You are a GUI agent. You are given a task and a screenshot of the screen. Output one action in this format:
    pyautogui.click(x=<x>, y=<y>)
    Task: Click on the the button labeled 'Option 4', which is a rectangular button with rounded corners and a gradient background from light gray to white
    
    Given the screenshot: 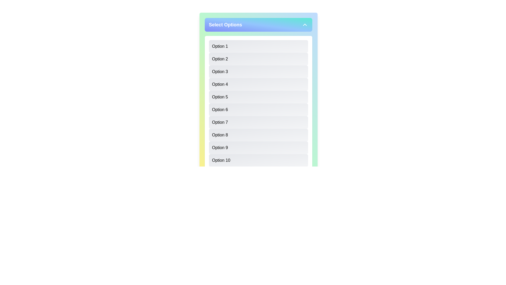 What is the action you would take?
    pyautogui.click(x=258, y=84)
    